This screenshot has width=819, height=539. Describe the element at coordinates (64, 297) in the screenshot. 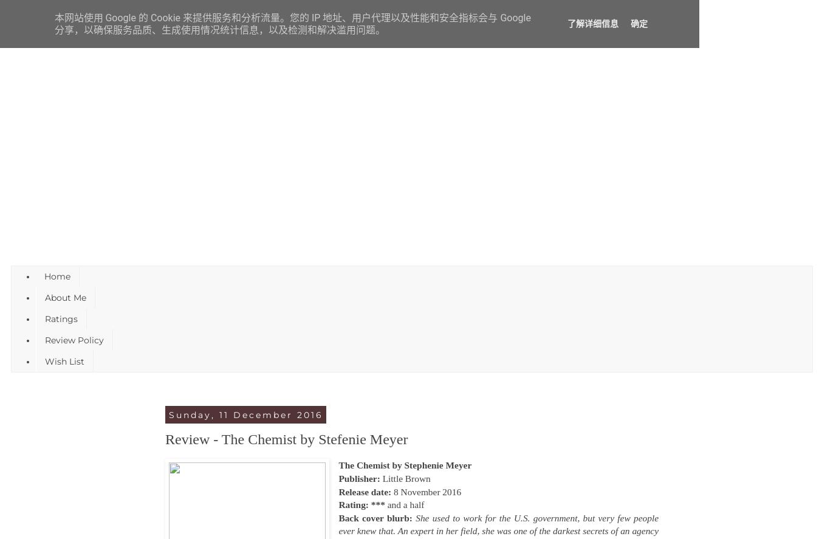

I see `'About Me'` at that location.